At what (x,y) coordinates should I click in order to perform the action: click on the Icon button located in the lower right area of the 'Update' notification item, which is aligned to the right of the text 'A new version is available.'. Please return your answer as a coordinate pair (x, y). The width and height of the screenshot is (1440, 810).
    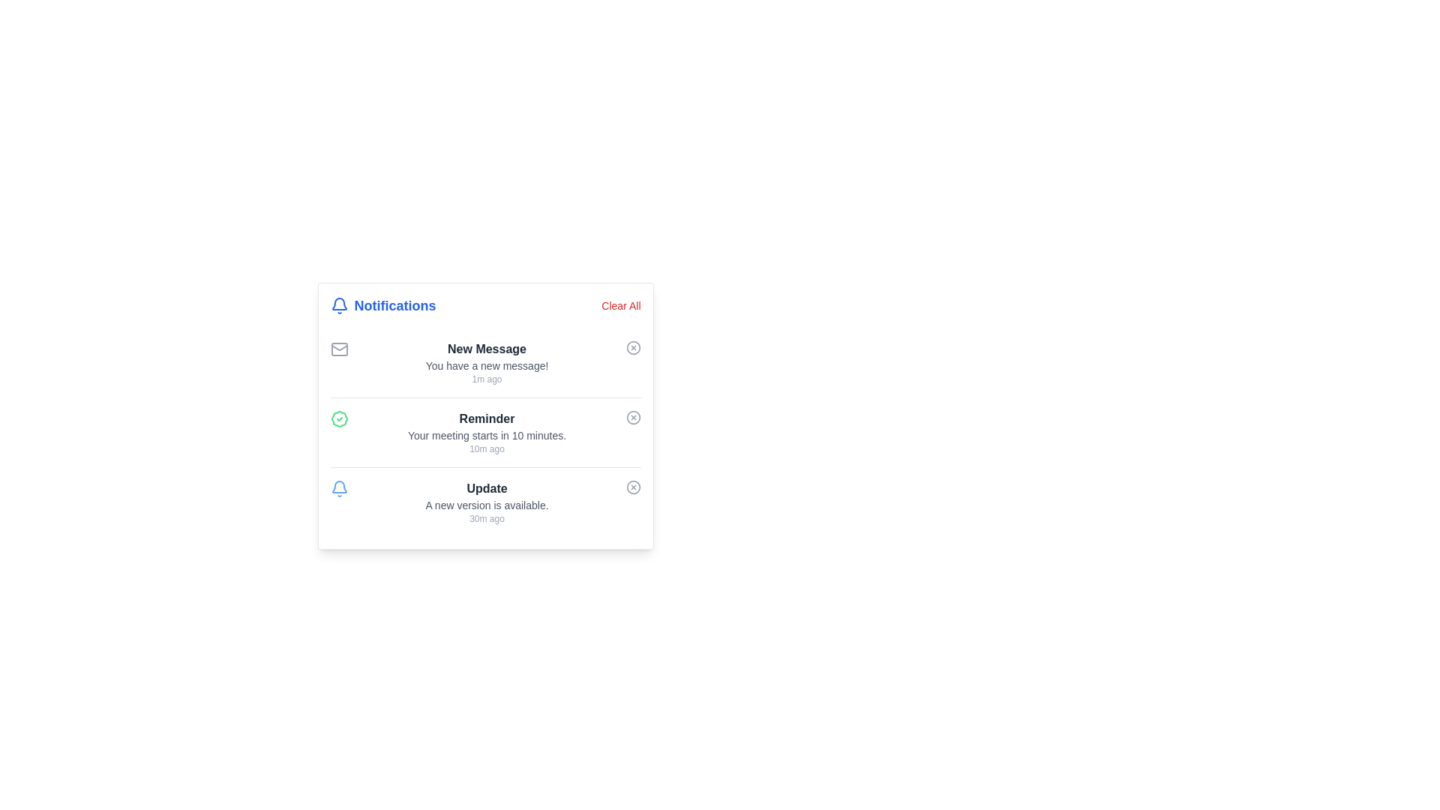
    Looking at the image, I should click on (633, 487).